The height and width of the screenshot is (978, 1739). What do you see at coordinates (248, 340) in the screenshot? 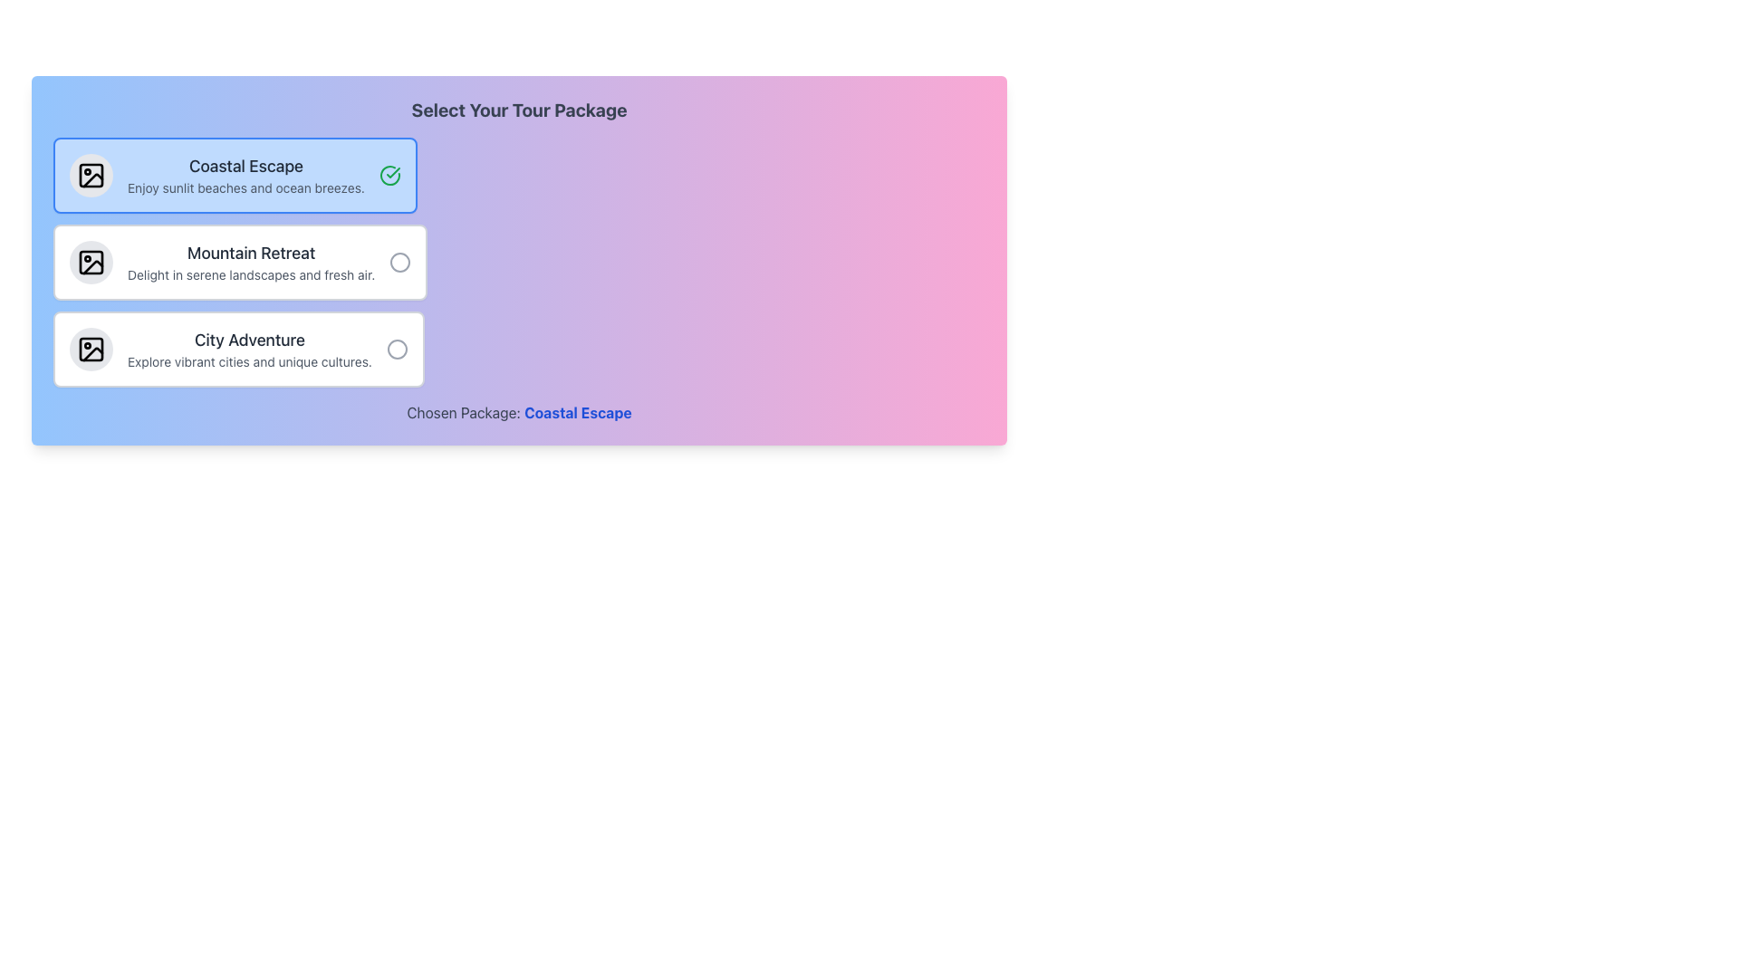
I see `the prominently styled text label reading 'City Adventure', which is the header for the third option in the tour package selection interface` at bounding box center [248, 340].